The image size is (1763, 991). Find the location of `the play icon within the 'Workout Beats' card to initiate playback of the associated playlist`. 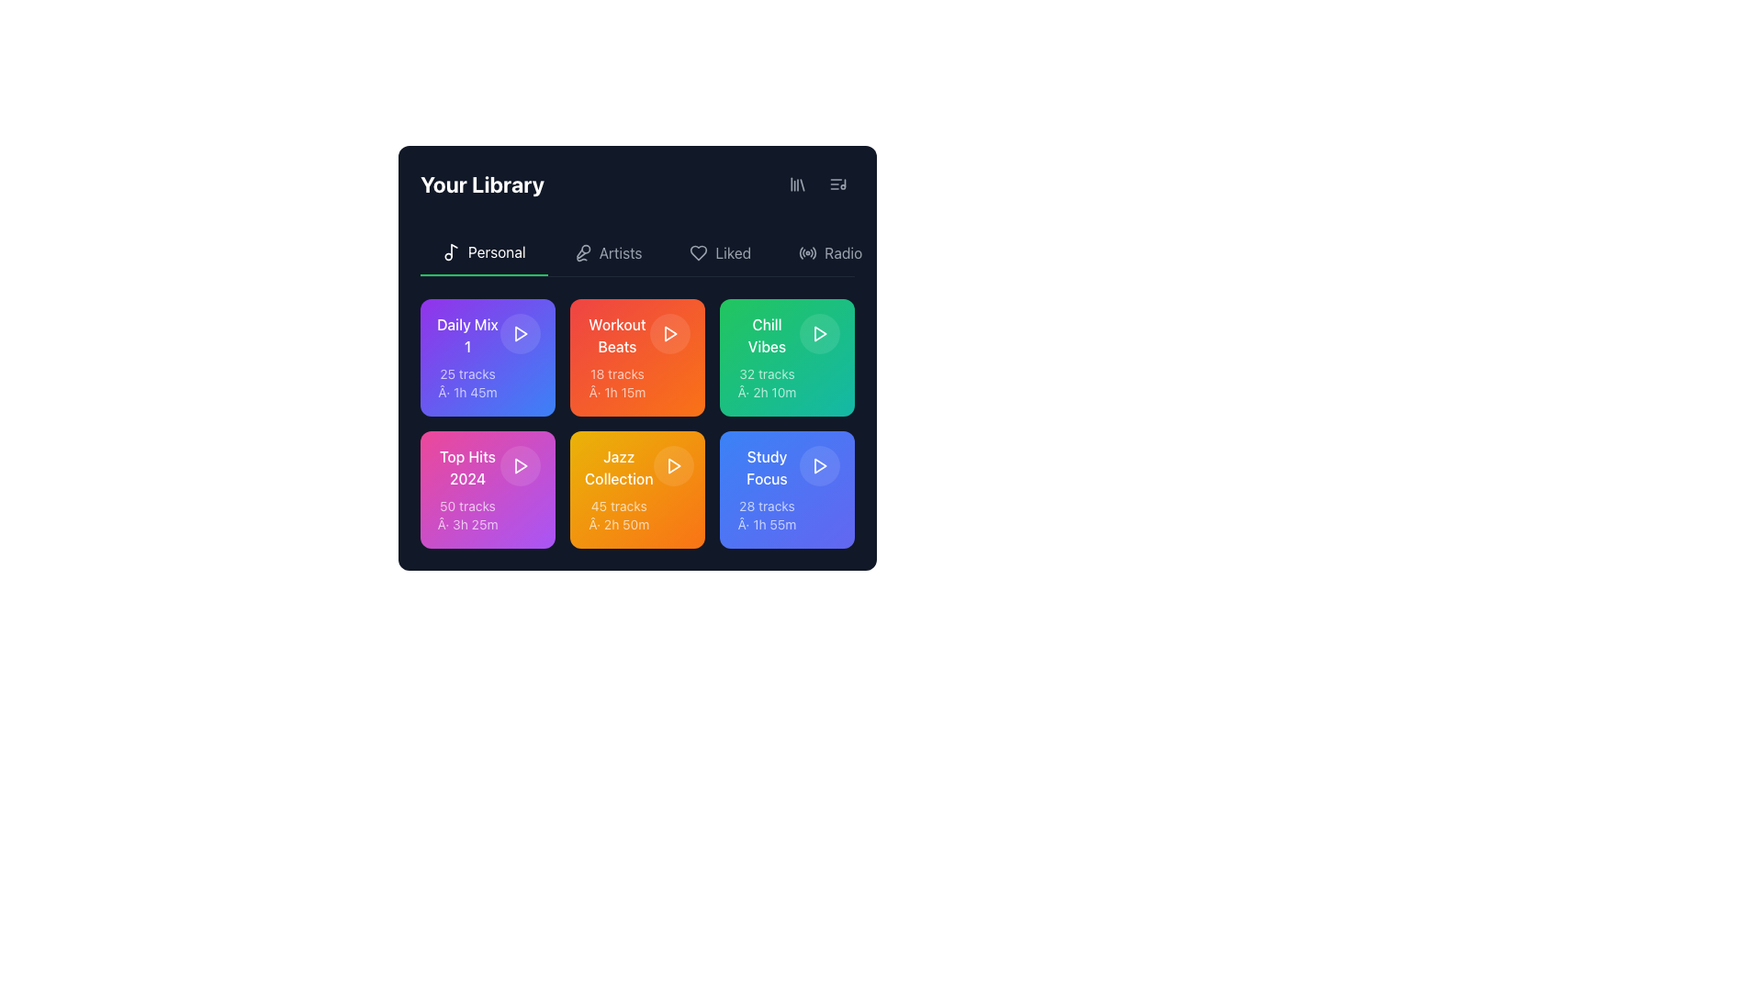

the play icon within the 'Workout Beats' card to initiate playback of the associated playlist is located at coordinates (669, 333).